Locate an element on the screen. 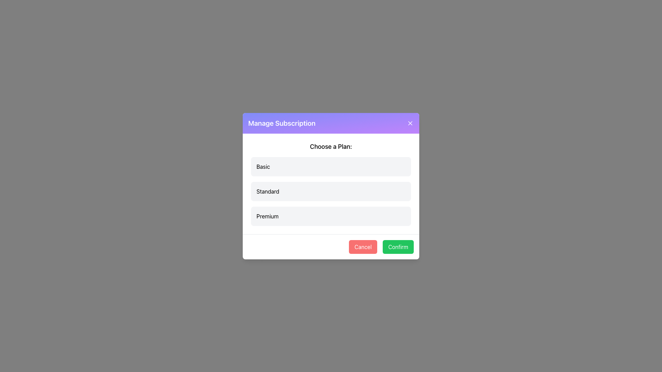 This screenshot has width=662, height=372. the diagonal cross icon located in the top-right corner of the modal window is located at coordinates (410, 123).